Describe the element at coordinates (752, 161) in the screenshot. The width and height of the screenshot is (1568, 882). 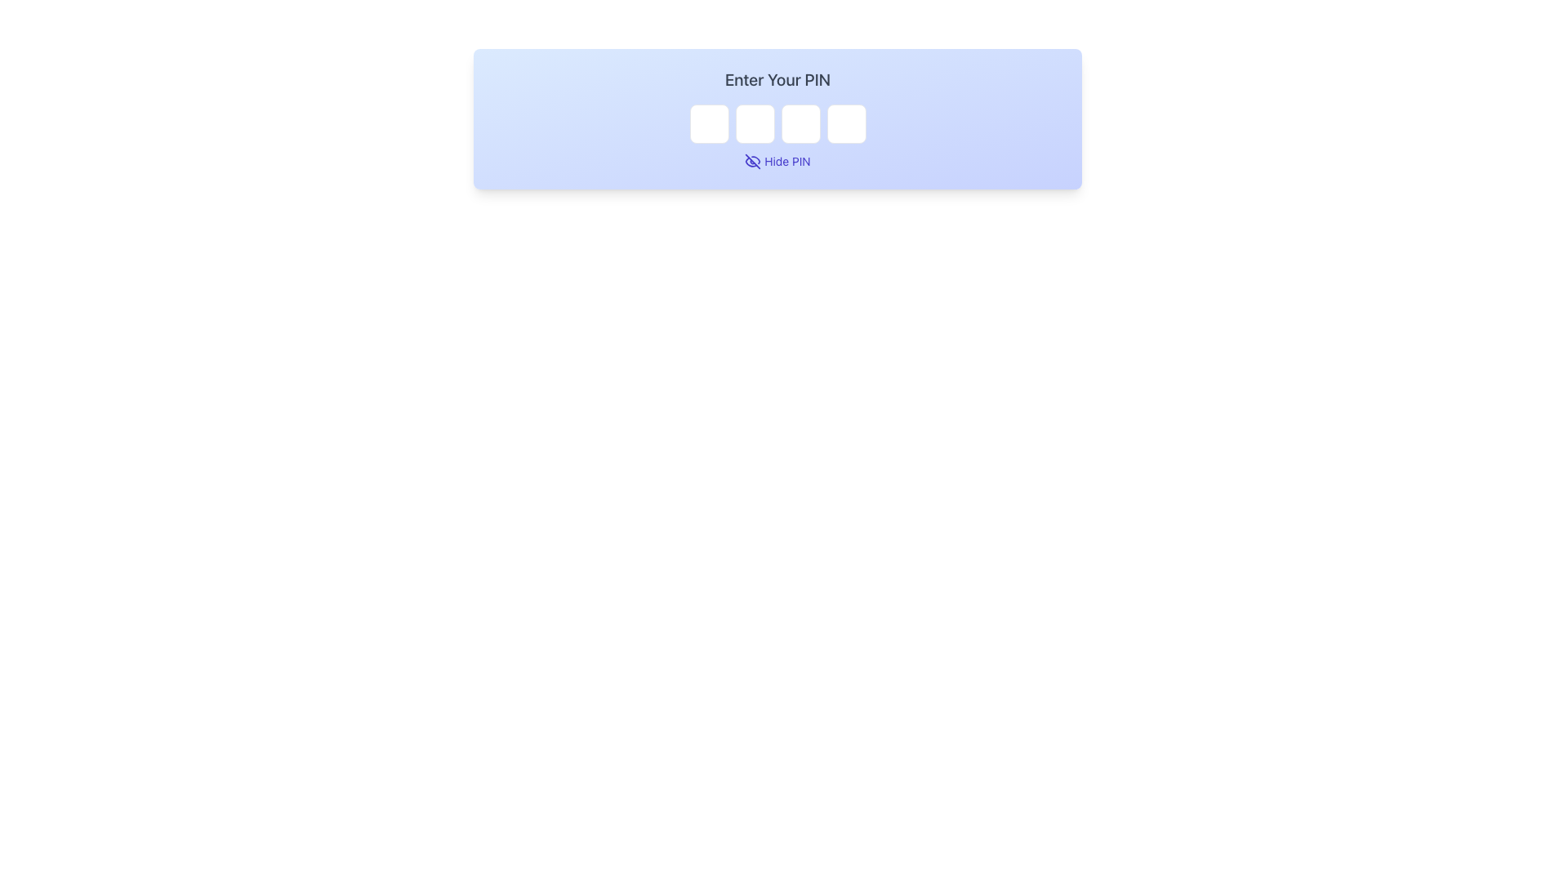
I see `the eye icon with a slash, located to the left of the 'Hide PIN' text at the bottom of the PIN input area` at that location.